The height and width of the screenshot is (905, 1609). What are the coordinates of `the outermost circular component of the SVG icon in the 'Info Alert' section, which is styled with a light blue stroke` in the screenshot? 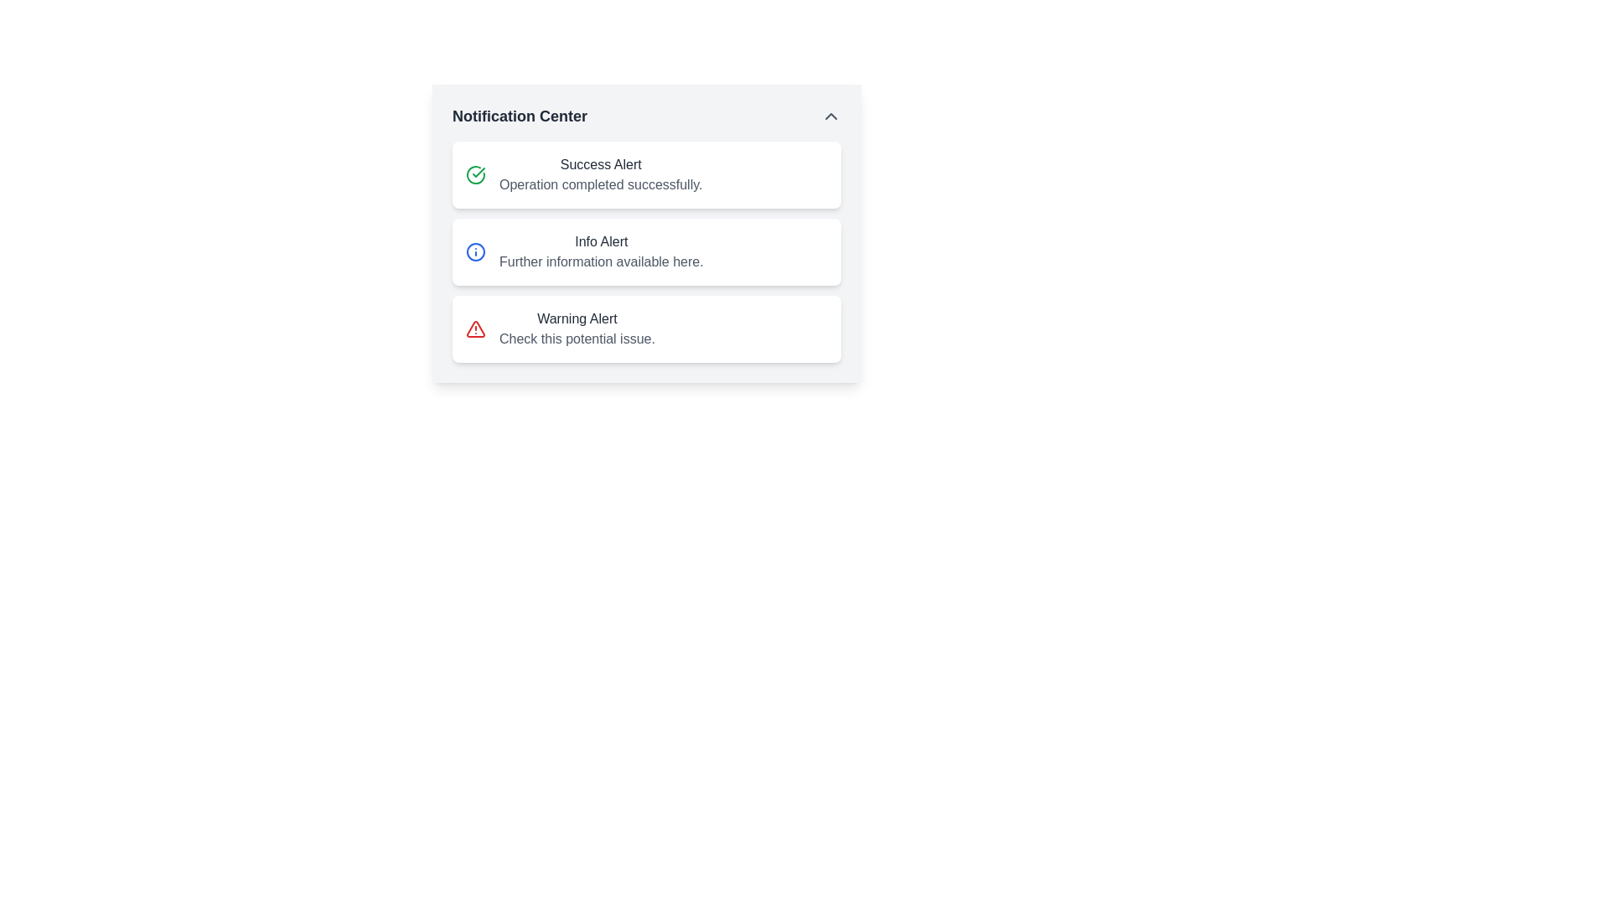 It's located at (474, 251).